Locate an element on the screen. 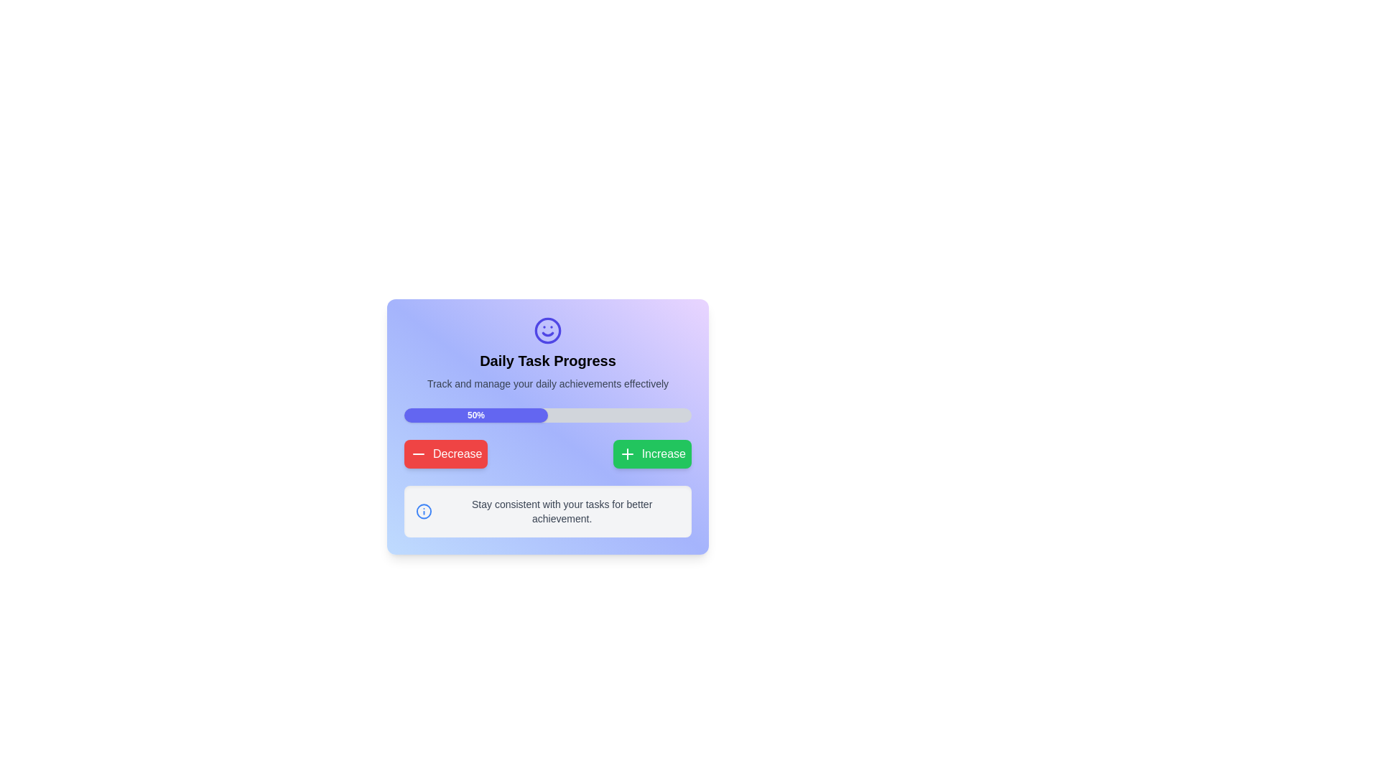 The image size is (1379, 775). the red 'Decrease' button with a white minus icon, which is the leftmost button in a row of two buttons is located at coordinates (445, 454).